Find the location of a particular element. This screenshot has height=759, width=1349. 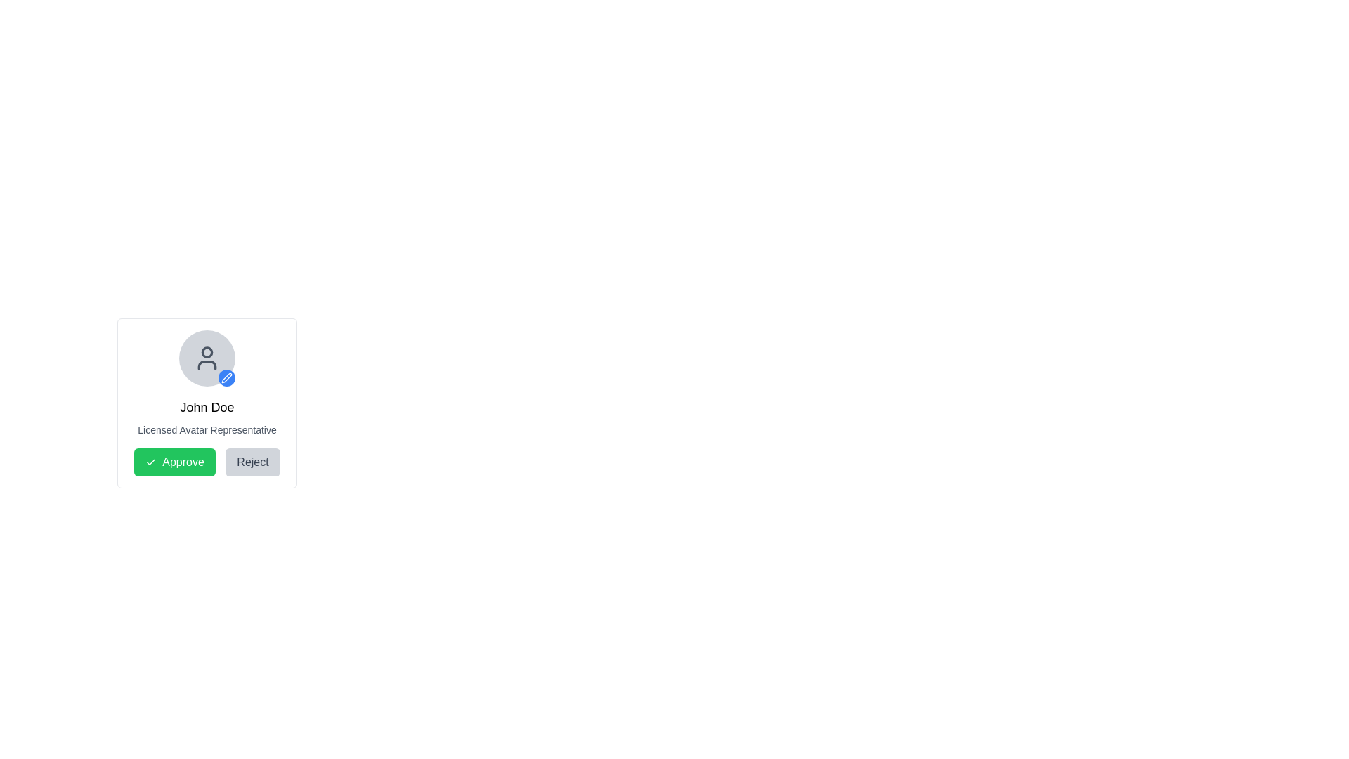

the descriptive text label located below the 'John Doe' text in the card-like interface is located at coordinates (206, 429).